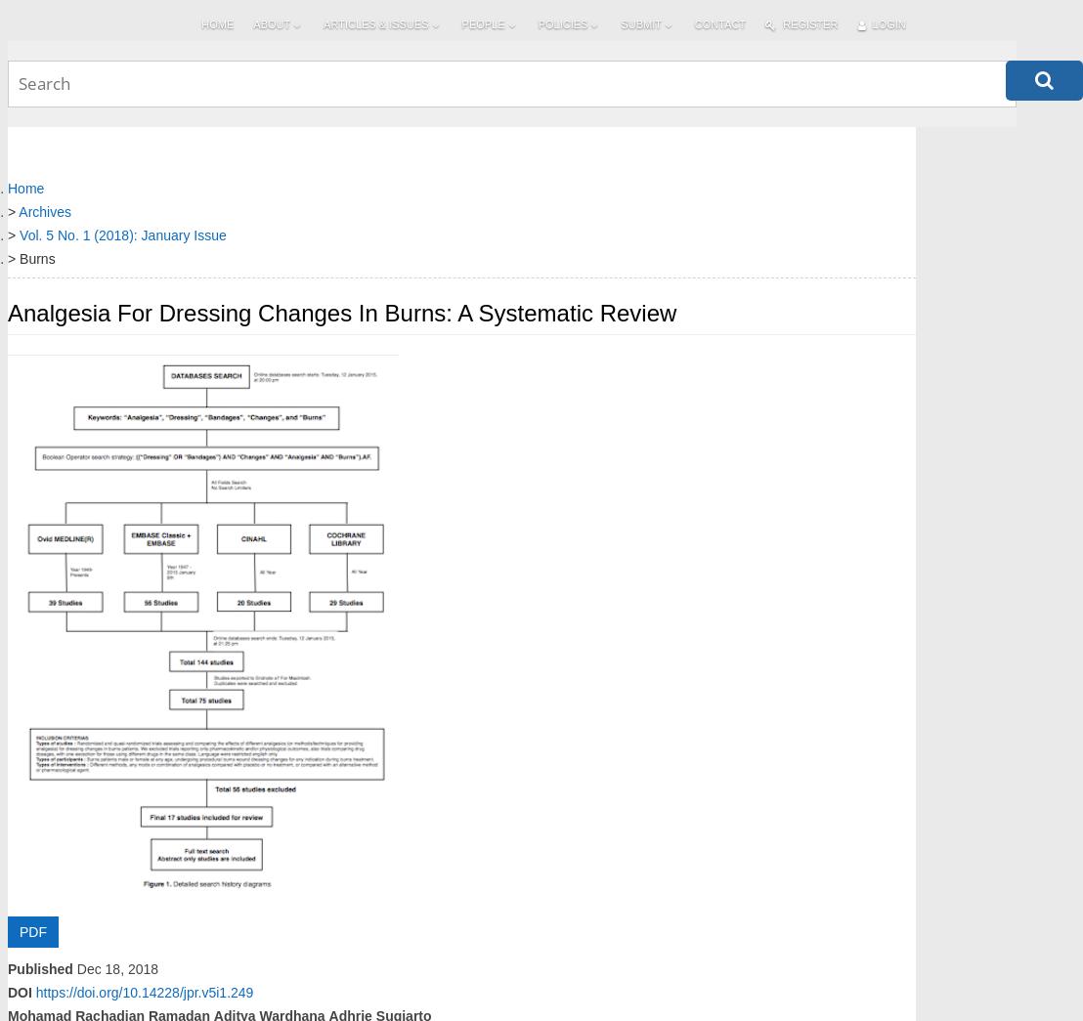 The image size is (1083, 1021). Describe the element at coordinates (25, 187) in the screenshot. I see `'Home'` at that location.